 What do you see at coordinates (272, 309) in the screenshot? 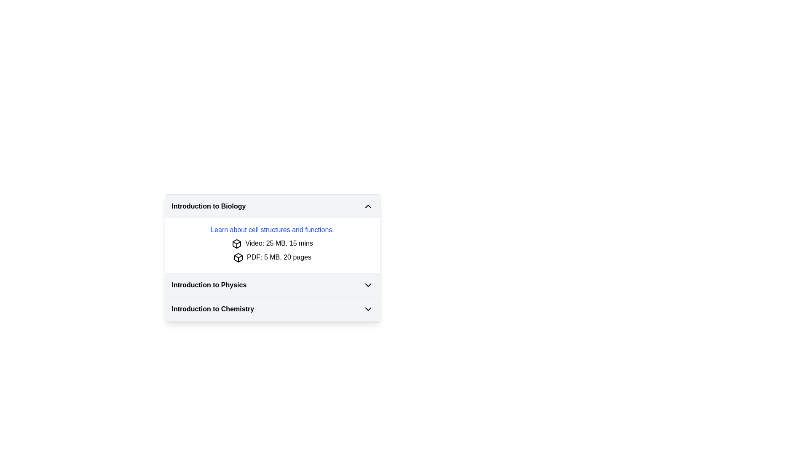
I see `the Interactive expandable list item titled 'Introduction to Chemistry' to change its background color` at bounding box center [272, 309].